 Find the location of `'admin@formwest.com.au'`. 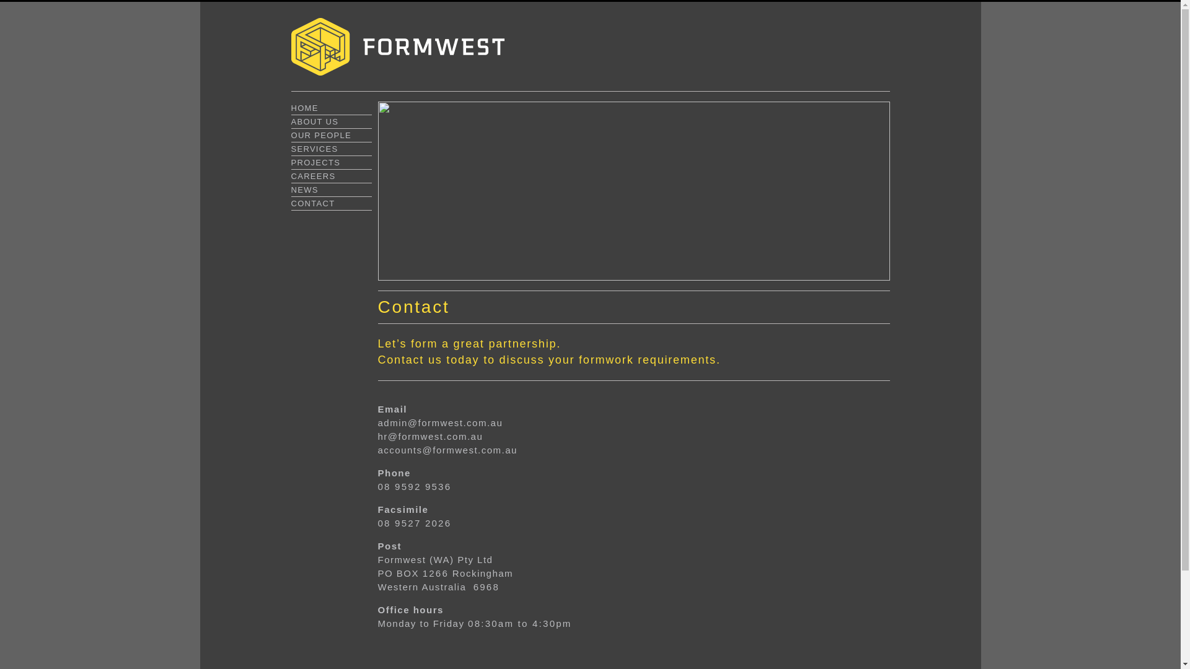

'admin@formwest.com.au' is located at coordinates (440, 422).